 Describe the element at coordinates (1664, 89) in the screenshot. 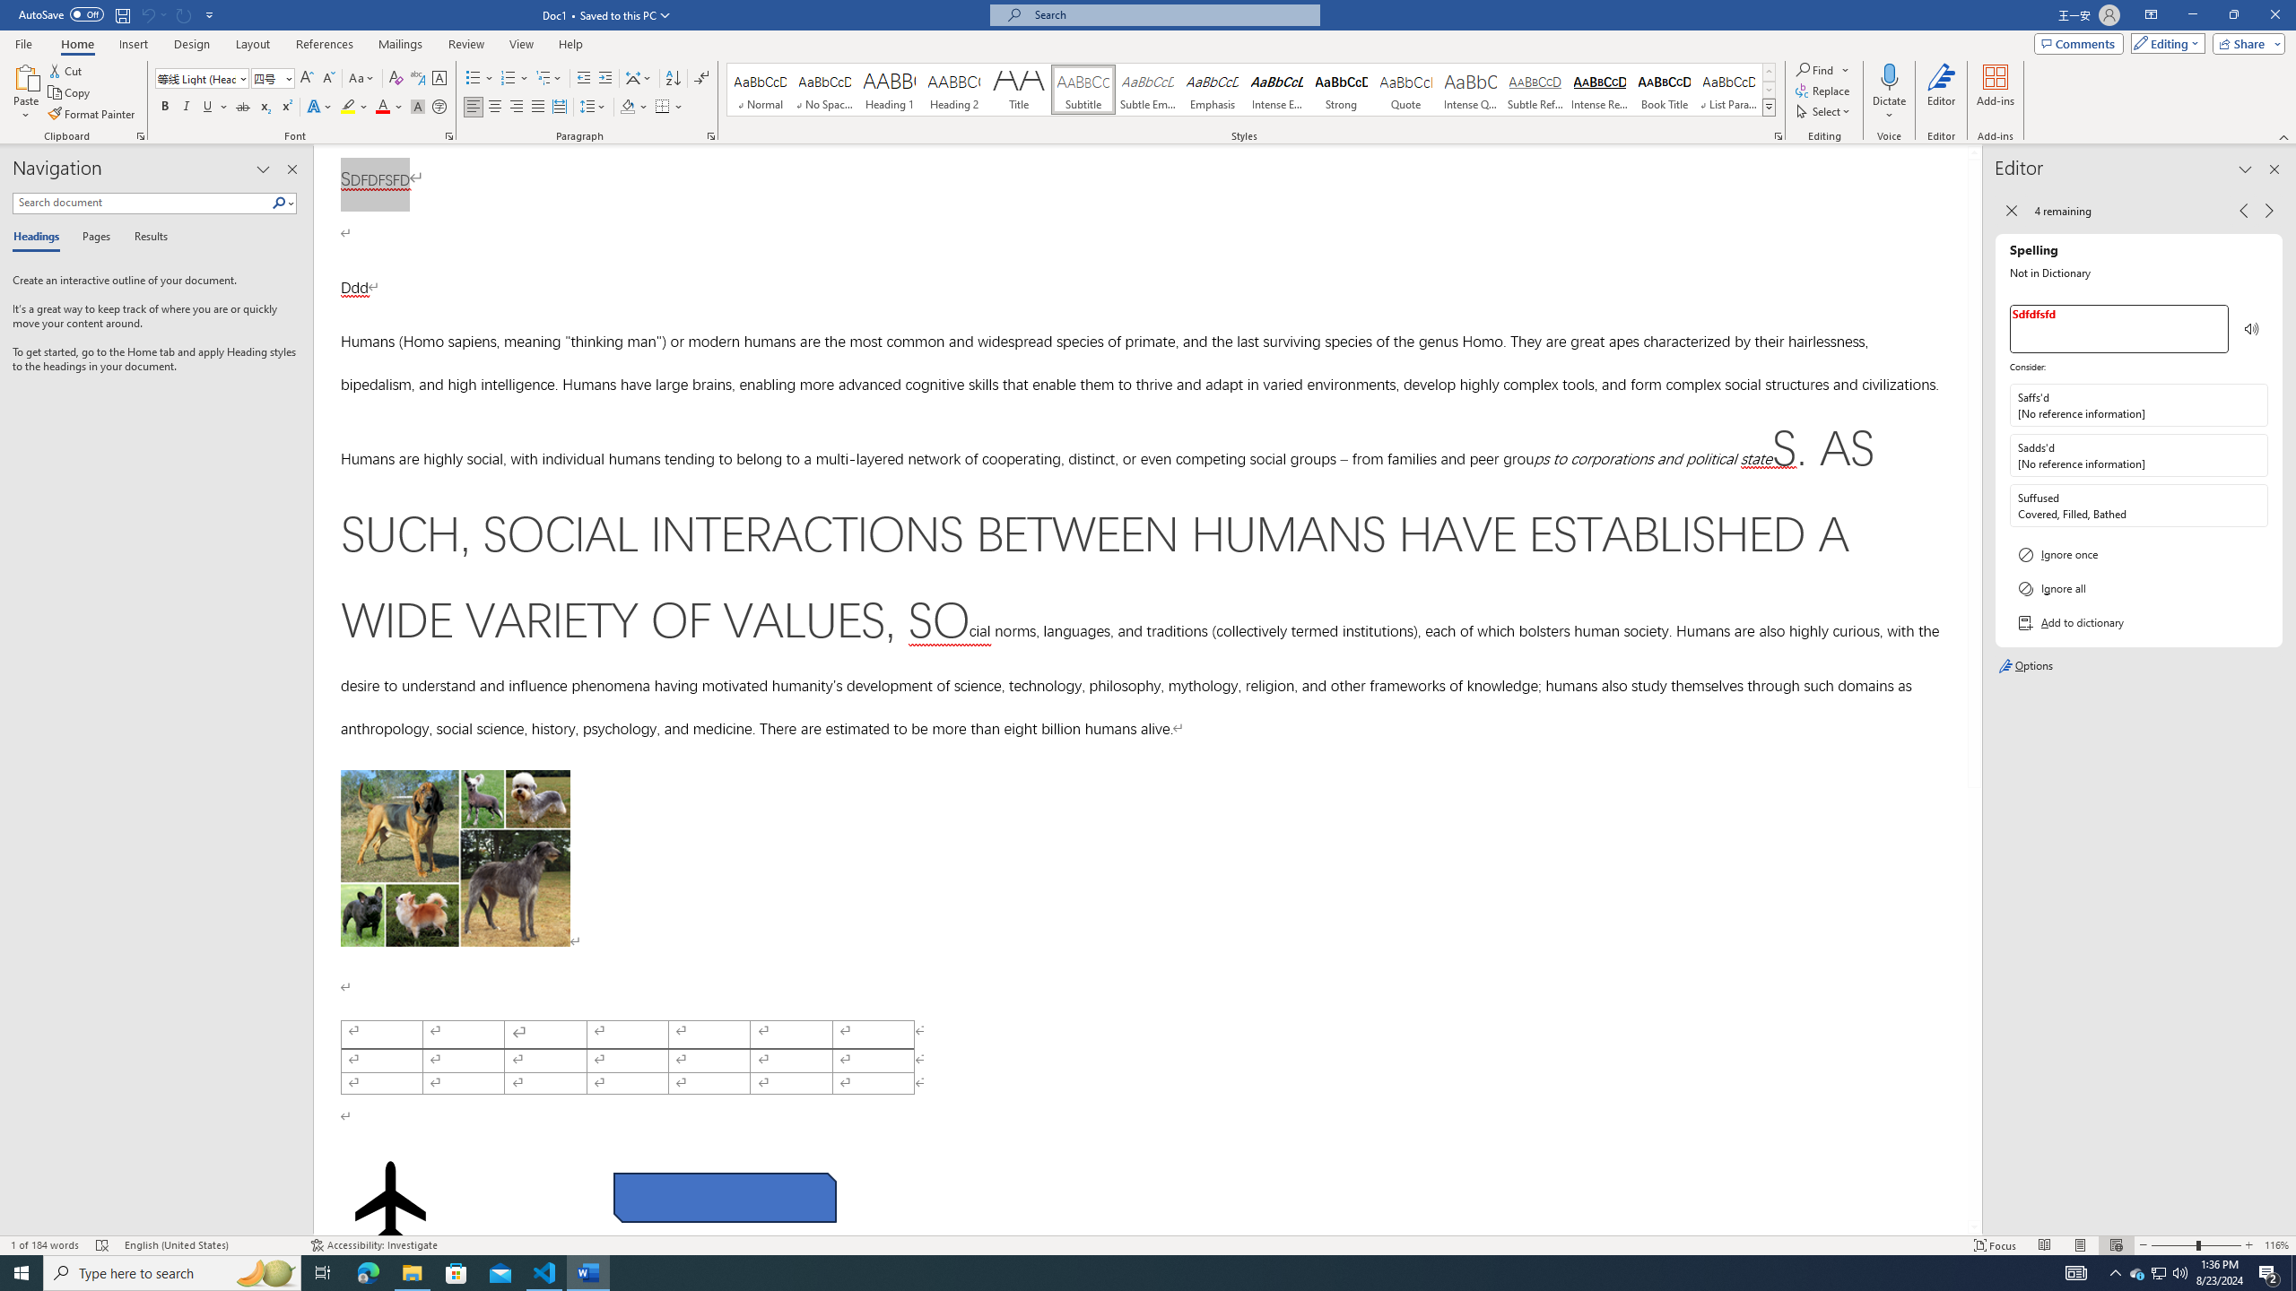

I see `'Book Title'` at that location.